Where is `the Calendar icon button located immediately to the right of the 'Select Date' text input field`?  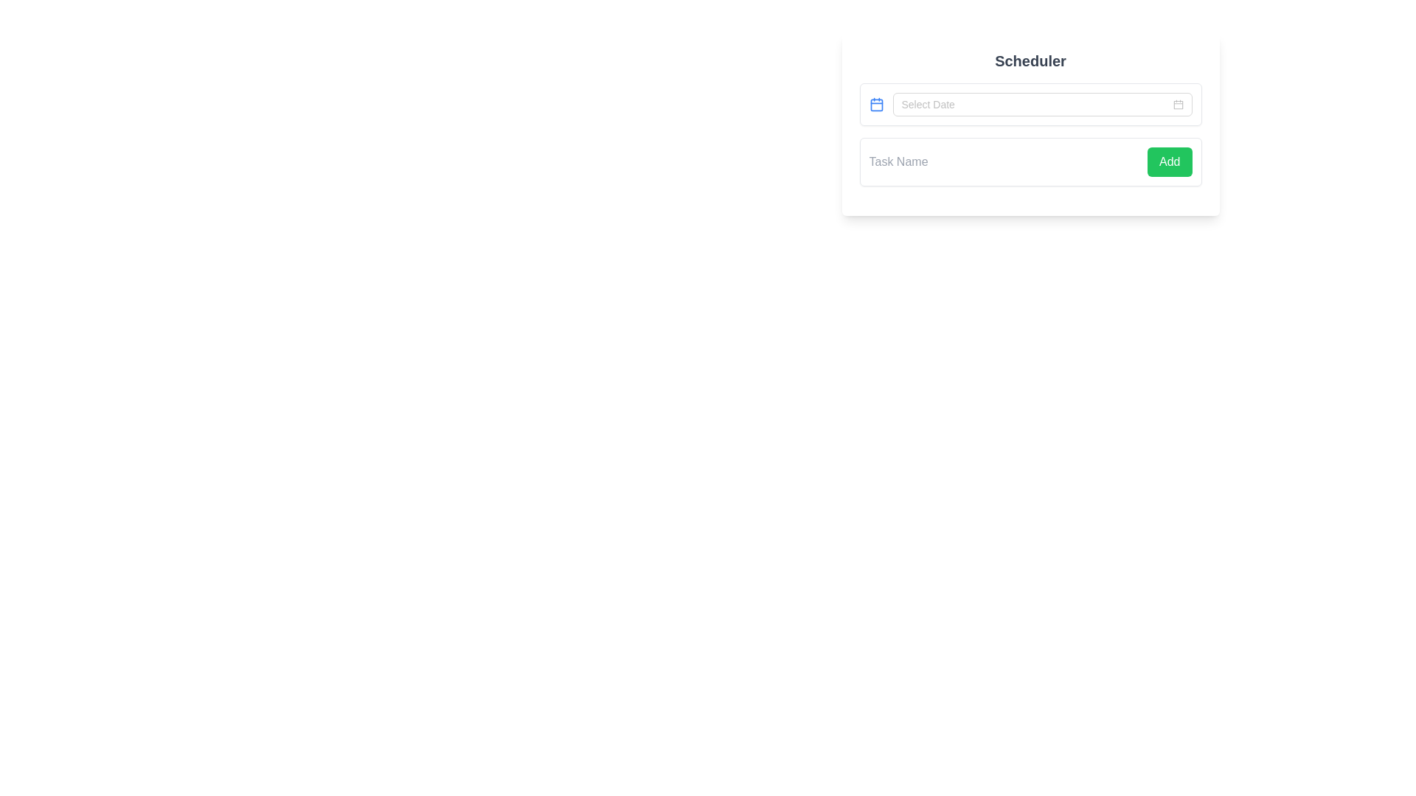 the Calendar icon button located immediately to the right of the 'Select Date' text input field is located at coordinates (1177, 104).